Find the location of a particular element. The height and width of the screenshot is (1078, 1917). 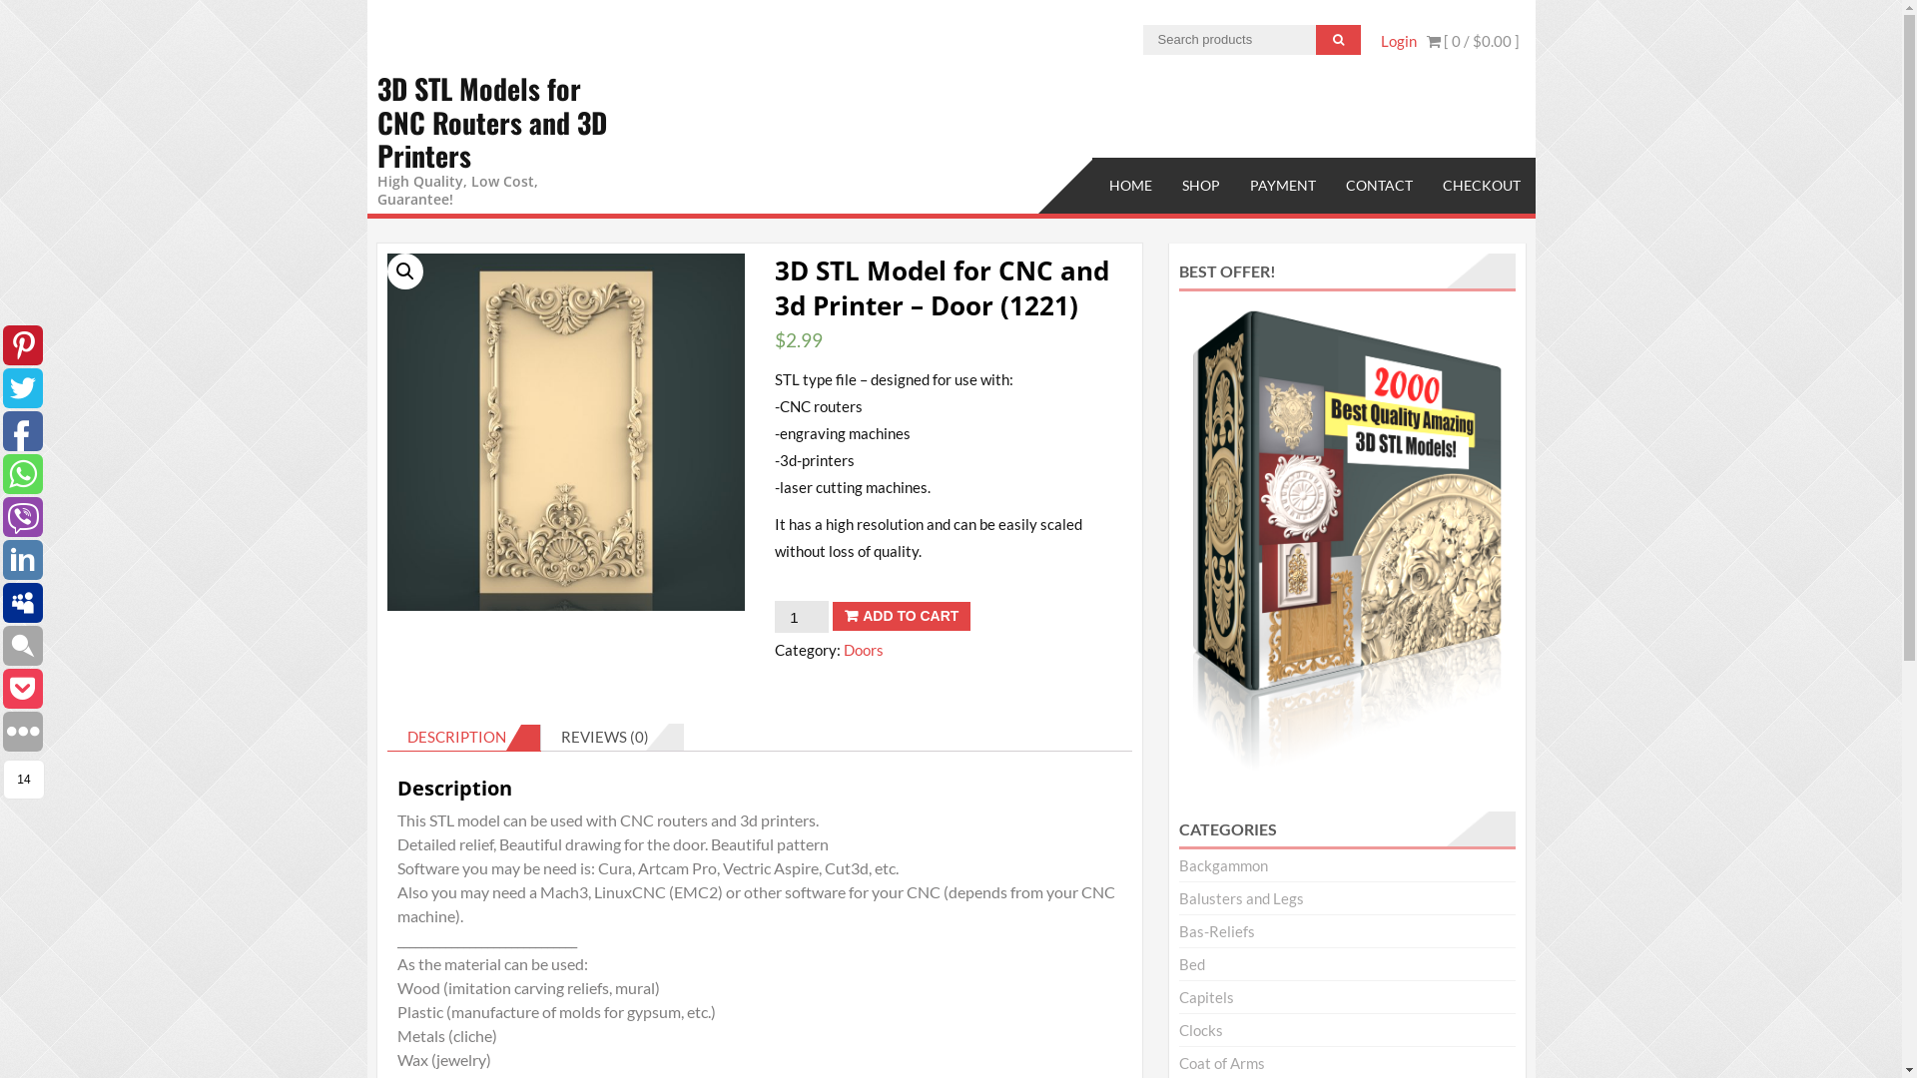

'Share Viber' is located at coordinates (3, 515).